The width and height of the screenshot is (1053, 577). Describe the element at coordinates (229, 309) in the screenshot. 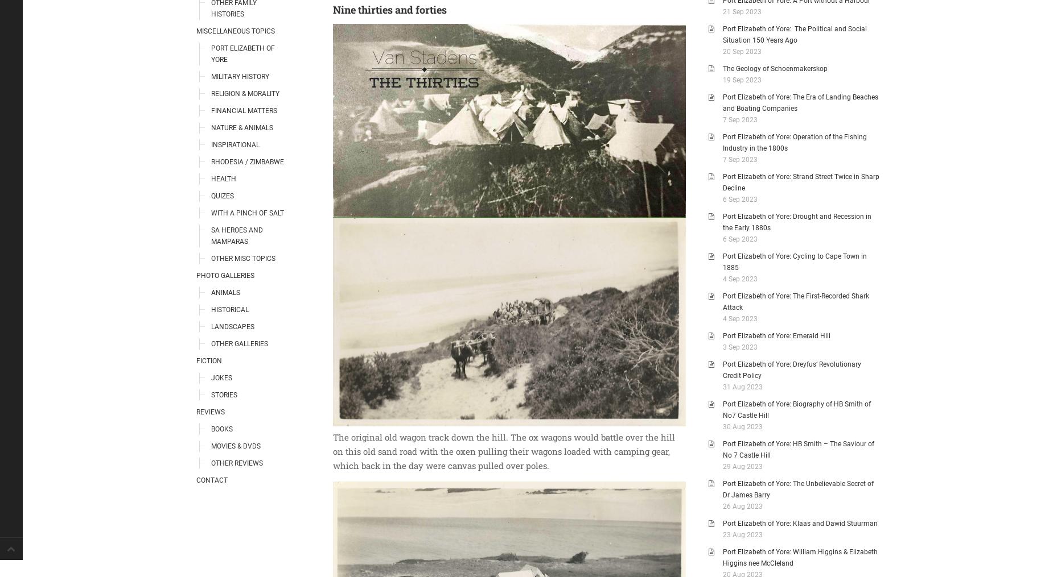

I see `'Historical'` at that location.